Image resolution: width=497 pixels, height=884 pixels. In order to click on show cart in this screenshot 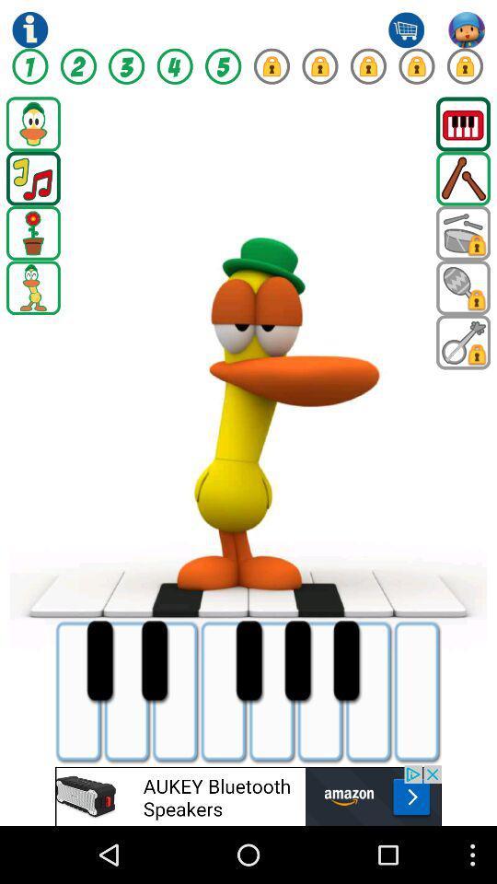, I will do `click(406, 29)`.